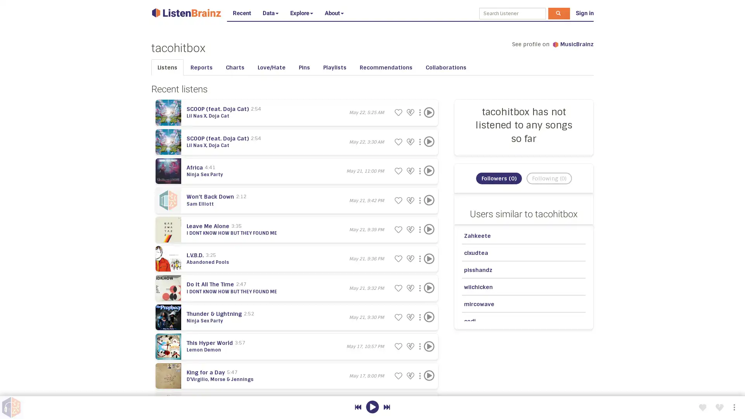  I want to click on Next, so click(386, 407).